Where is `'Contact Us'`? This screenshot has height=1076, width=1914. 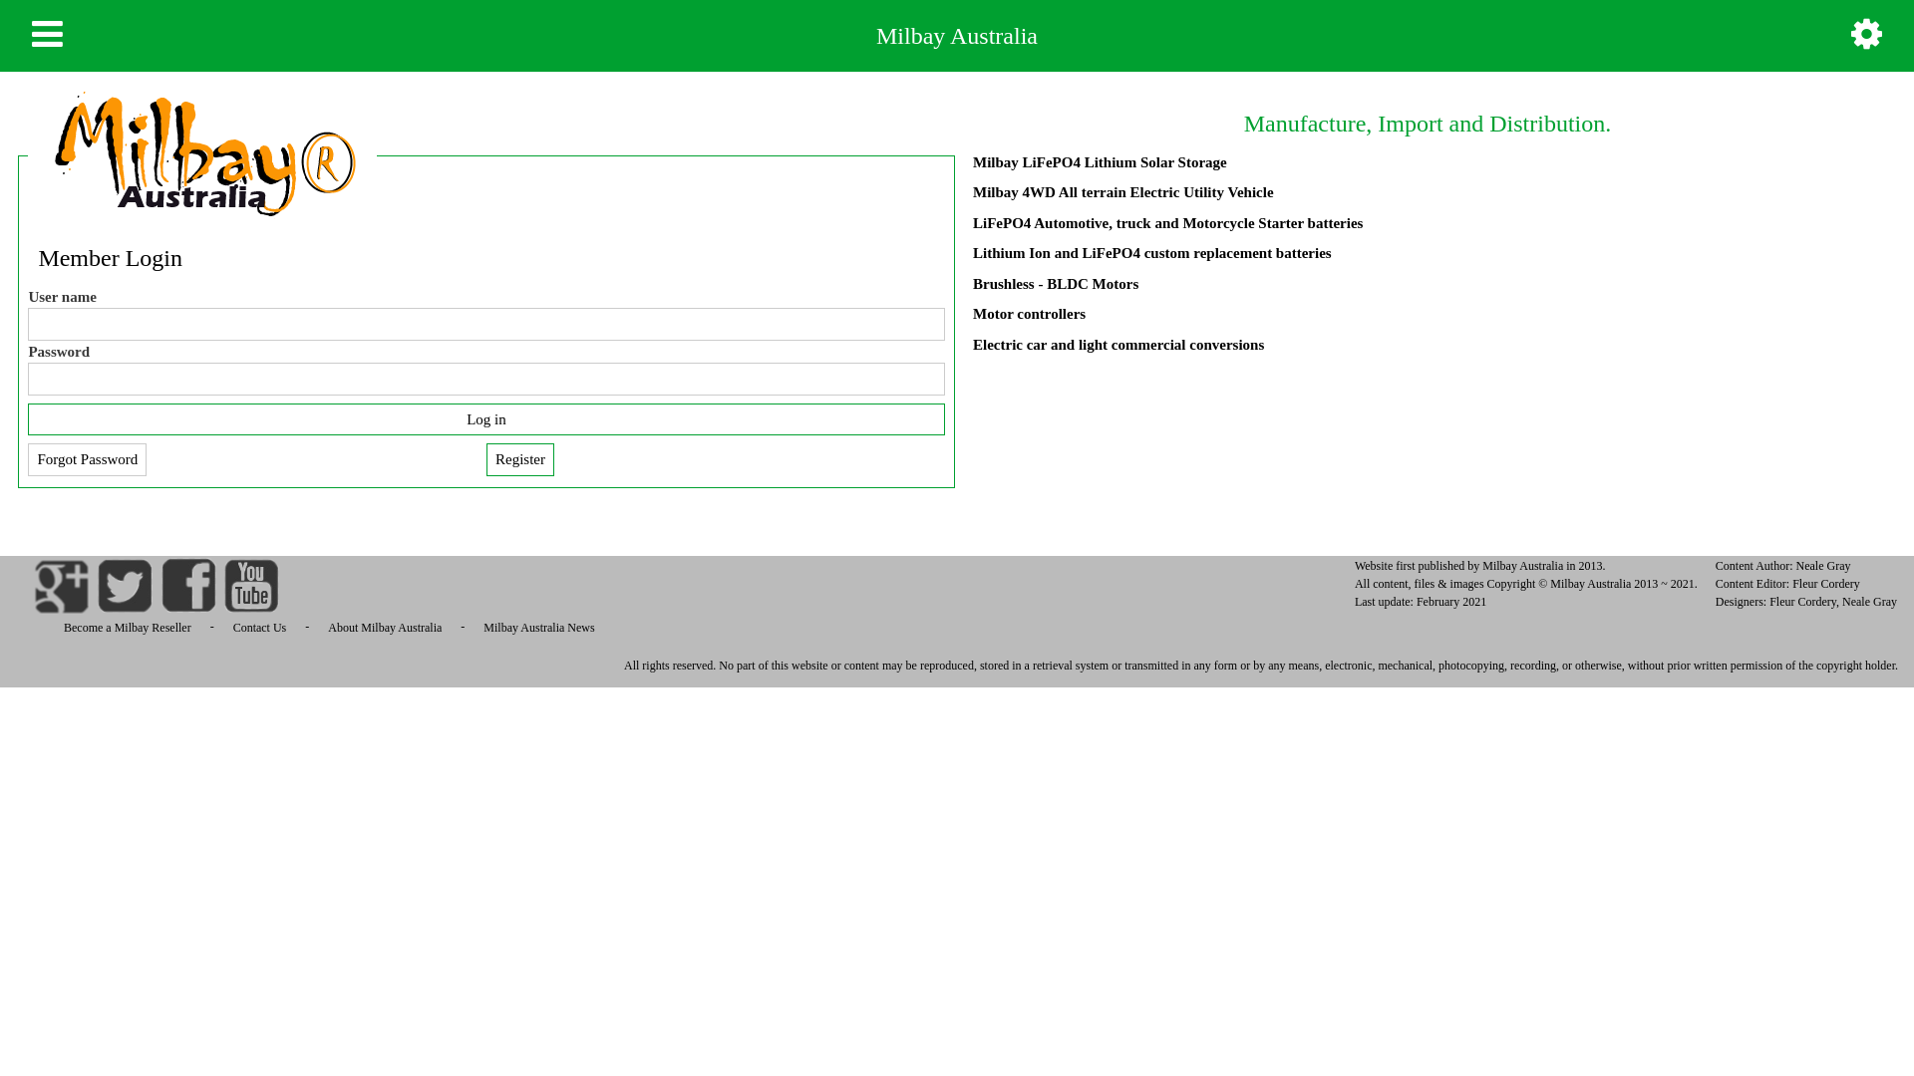 'Contact Us' is located at coordinates (258, 626).